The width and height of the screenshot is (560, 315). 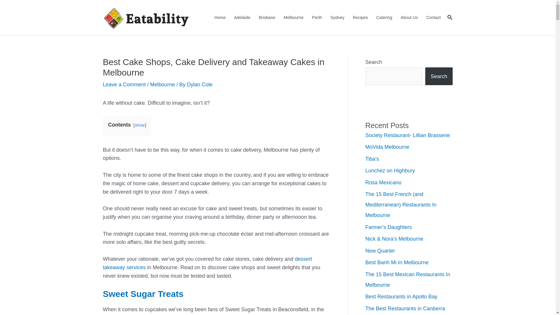 What do you see at coordinates (116, 294) in the screenshot?
I see `'Sweet'` at bounding box center [116, 294].